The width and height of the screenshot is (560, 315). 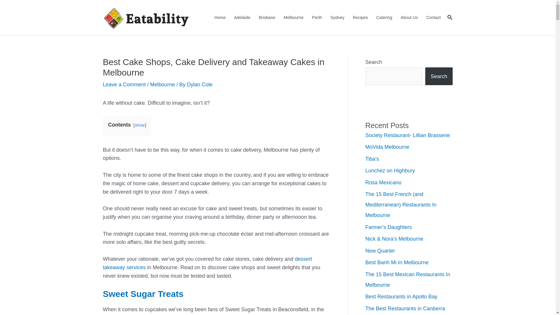 What do you see at coordinates (116, 294) in the screenshot?
I see `'Sweet'` at bounding box center [116, 294].